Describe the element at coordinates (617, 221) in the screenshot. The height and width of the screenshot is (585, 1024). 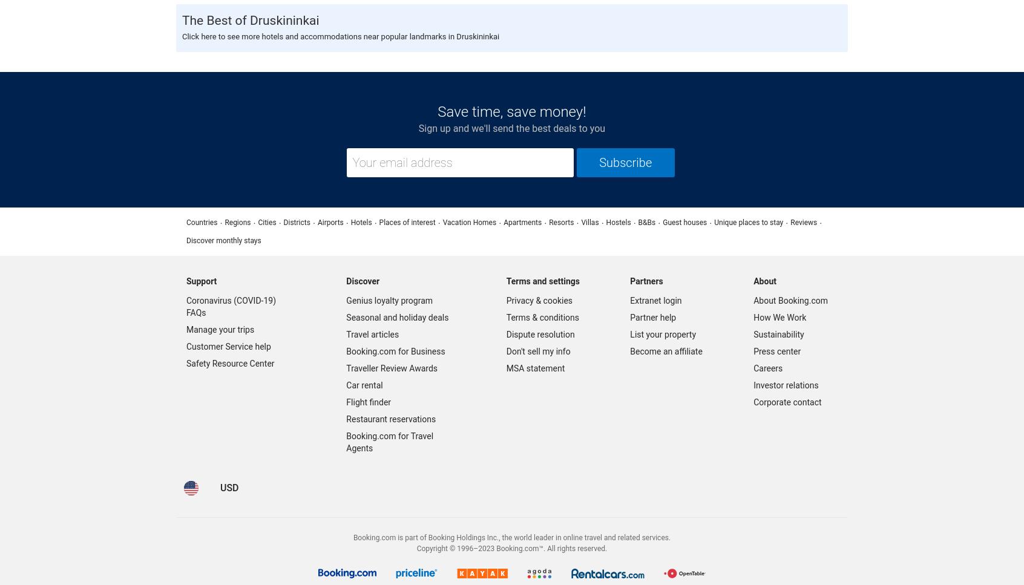
I see `'Hostels'` at that location.